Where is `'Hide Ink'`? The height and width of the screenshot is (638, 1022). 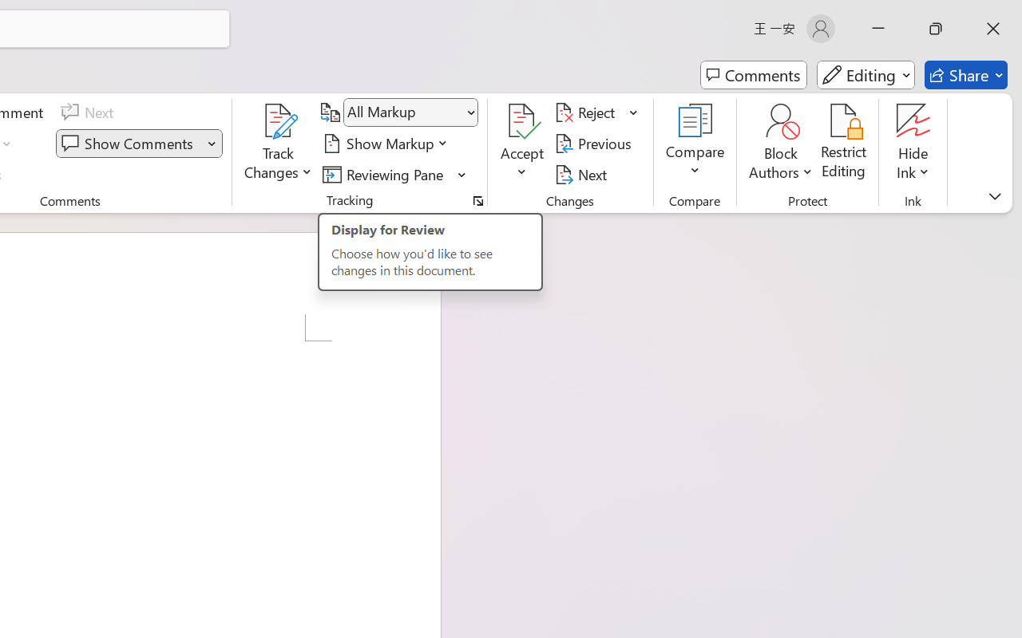
'Hide Ink' is located at coordinates (913, 143).